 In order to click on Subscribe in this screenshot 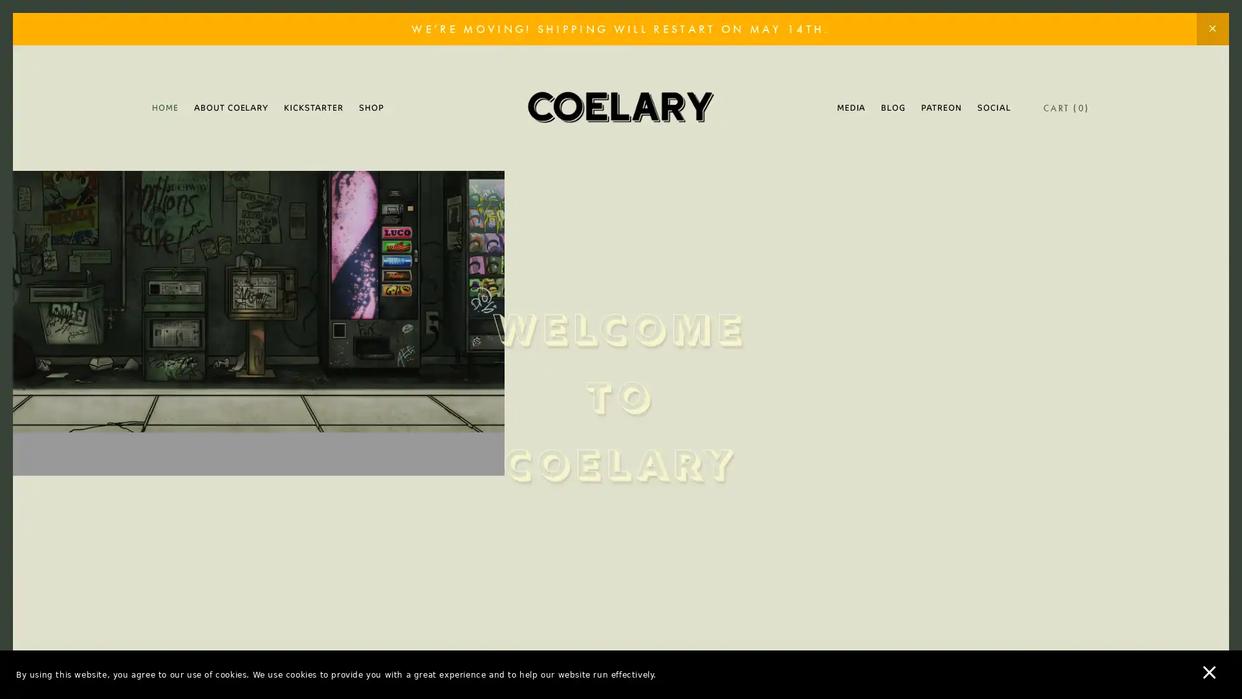, I will do `click(742, 449)`.